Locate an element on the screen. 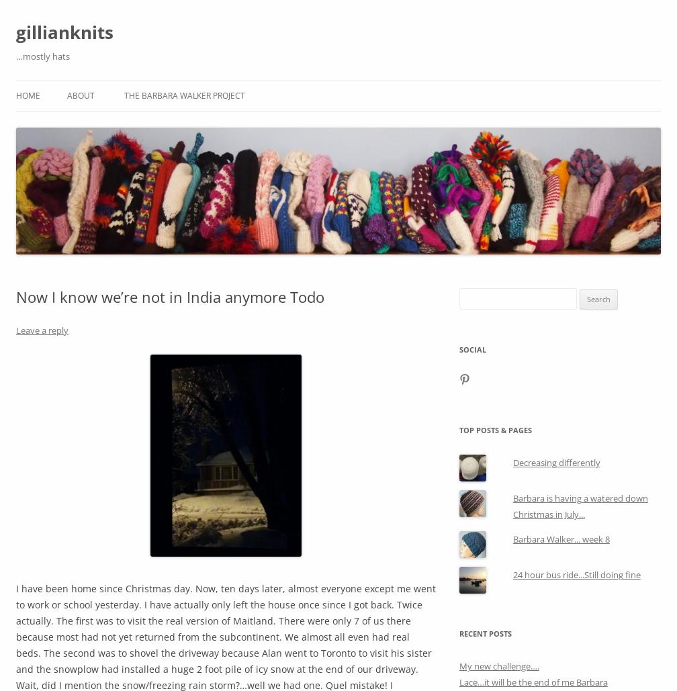  'Barbara Walker... week 8' is located at coordinates (561, 539).